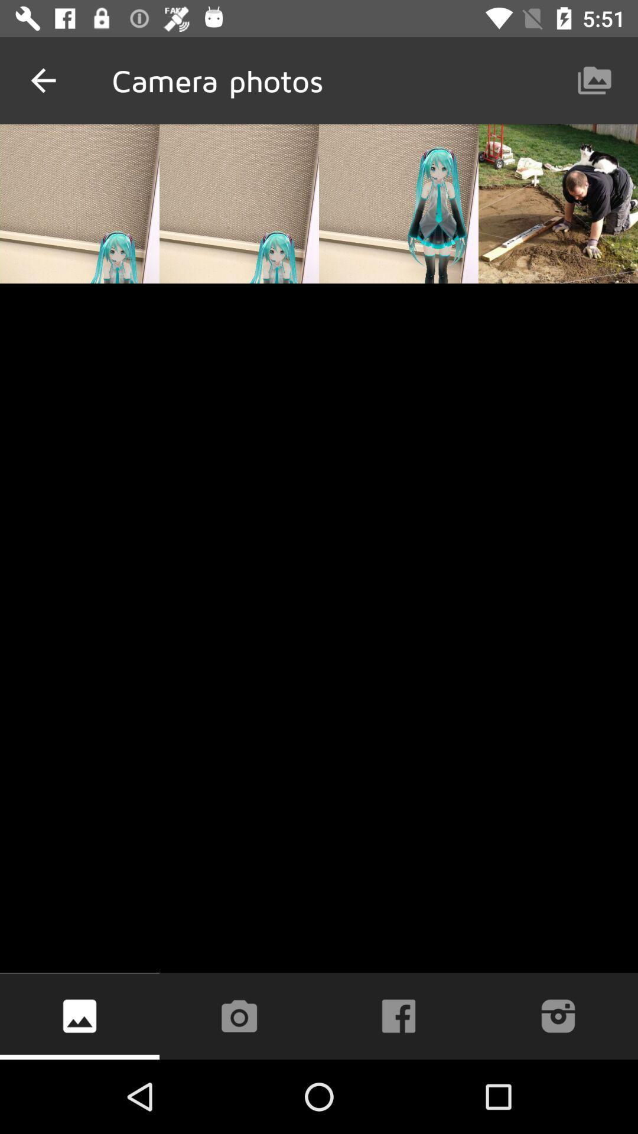  Describe the element at coordinates (558, 1015) in the screenshot. I see `open instagram` at that location.